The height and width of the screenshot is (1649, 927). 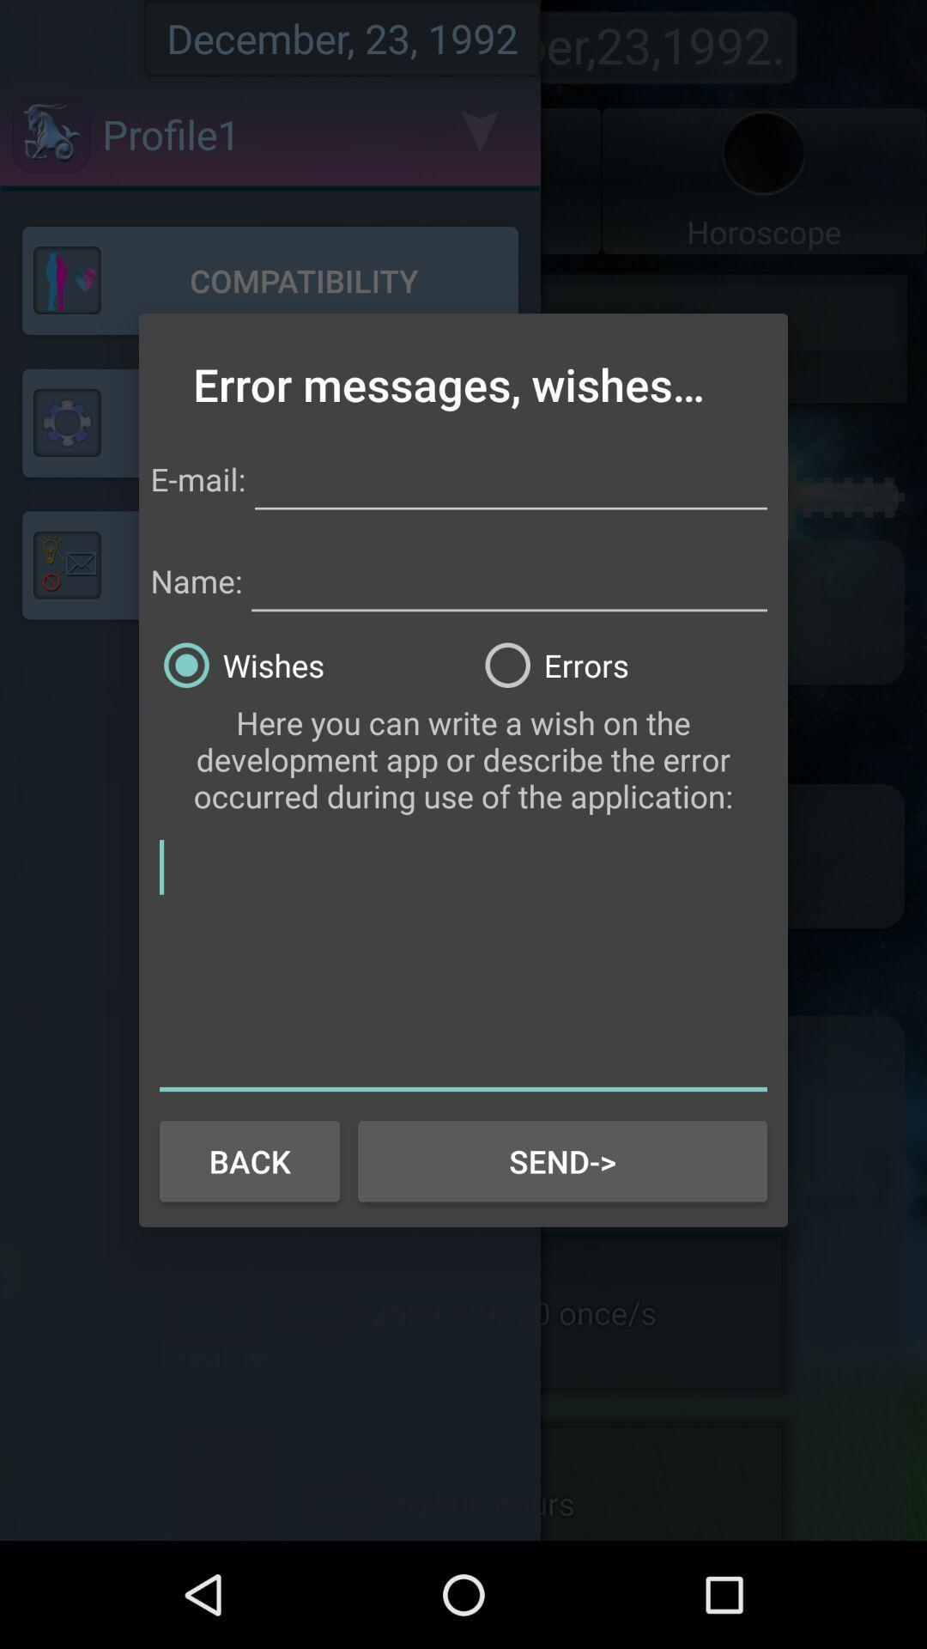 What do you see at coordinates (463, 962) in the screenshot?
I see `comment` at bounding box center [463, 962].